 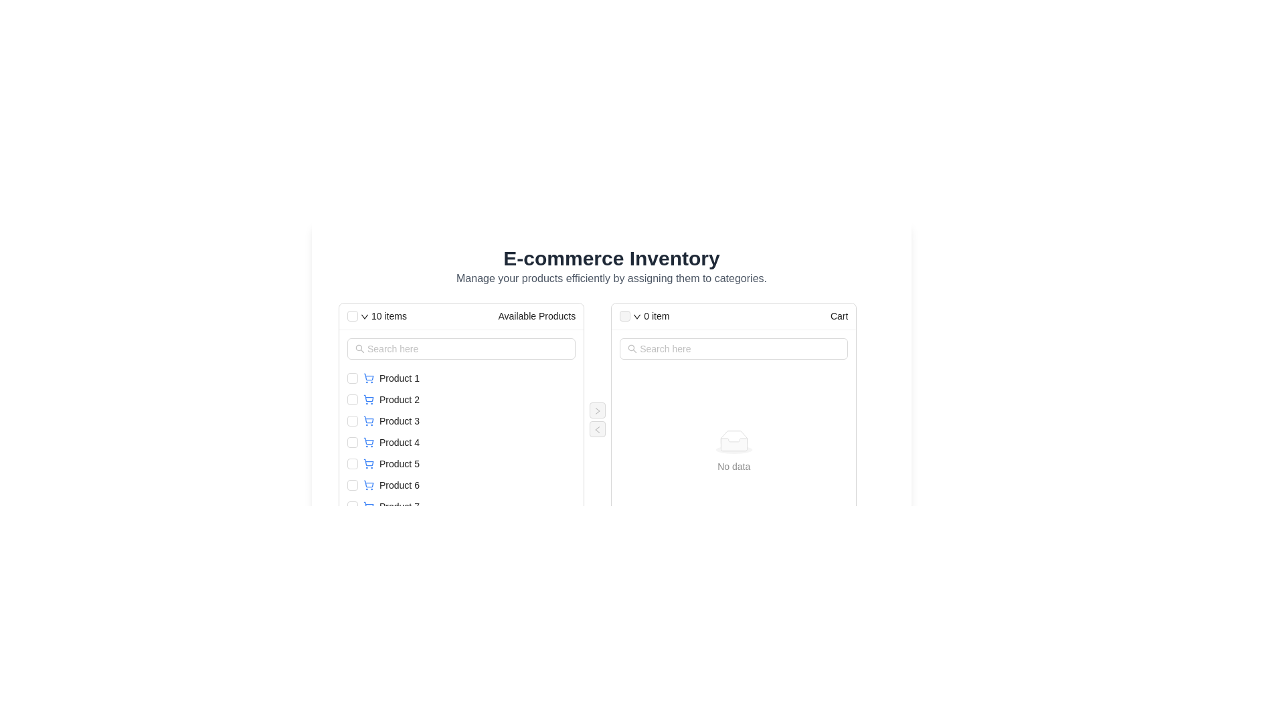 I want to click on the list item with a checkbox representing 'Product 5', so click(x=461, y=463).